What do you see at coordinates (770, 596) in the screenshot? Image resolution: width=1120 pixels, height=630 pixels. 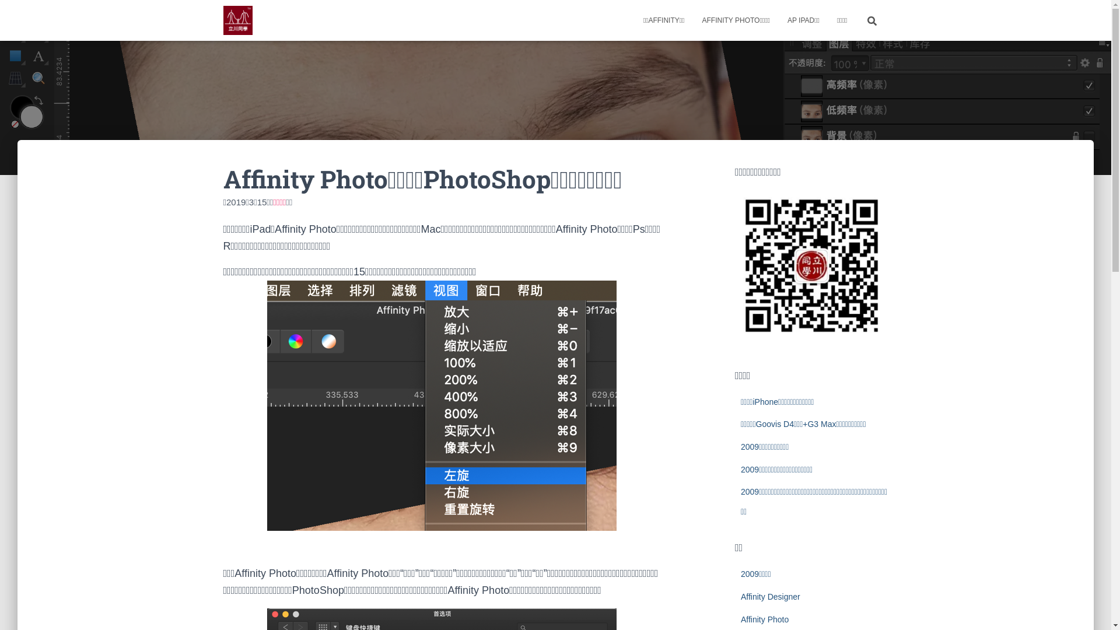 I see `'Affinity Designer'` at bounding box center [770, 596].